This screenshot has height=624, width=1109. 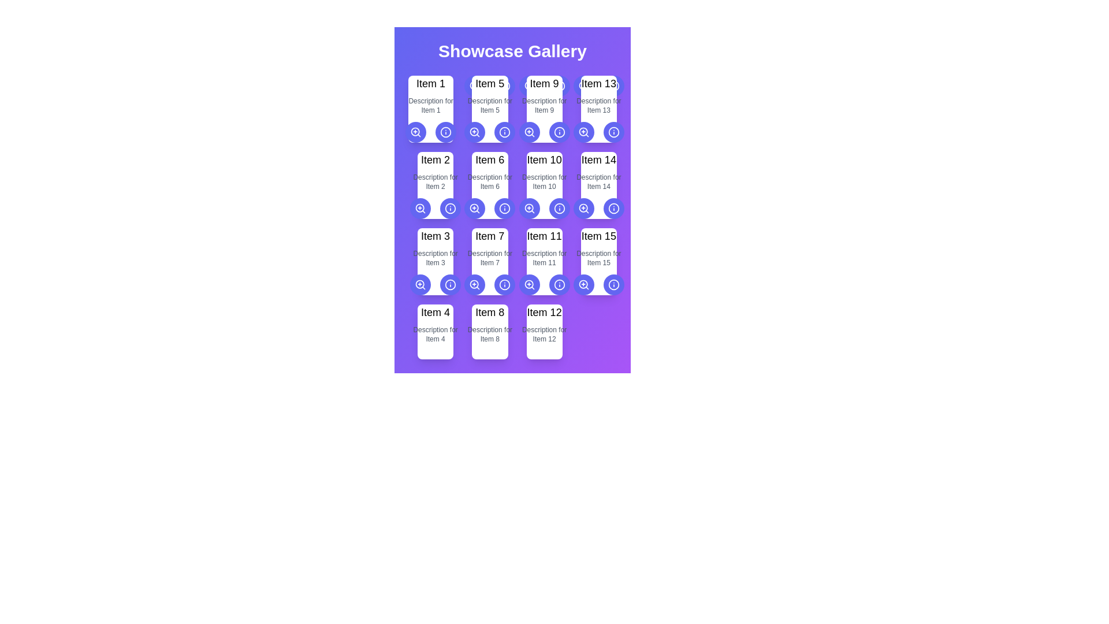 What do you see at coordinates (490, 131) in the screenshot?
I see `the left circular button with a magnifying glass icon for zooming in` at bounding box center [490, 131].